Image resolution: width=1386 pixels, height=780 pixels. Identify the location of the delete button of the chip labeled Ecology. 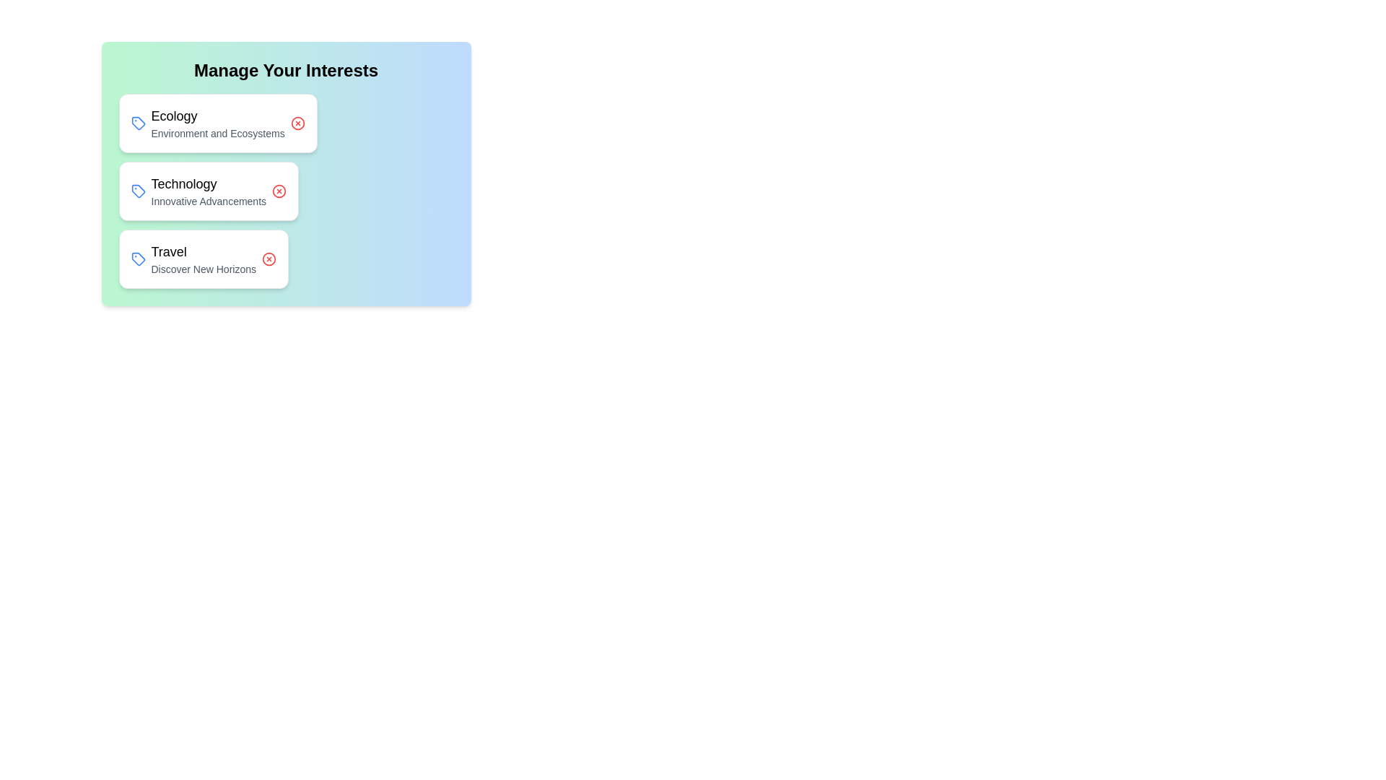
(297, 122).